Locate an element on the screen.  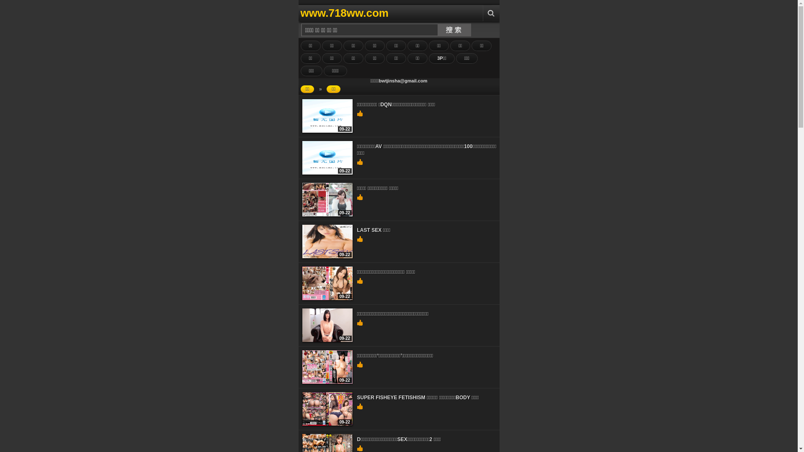
'Search' is located at coordinates (490, 13).